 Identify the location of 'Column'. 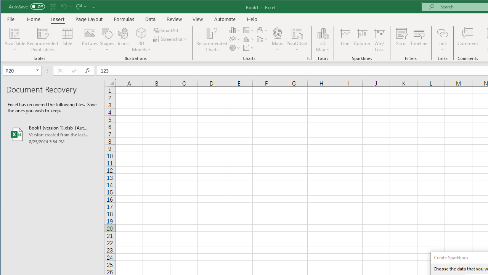
(361, 40).